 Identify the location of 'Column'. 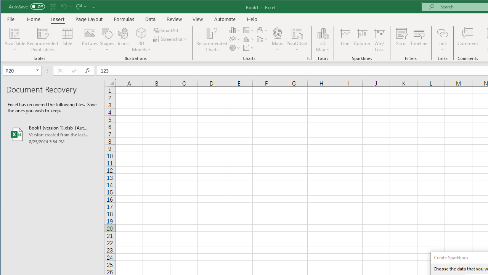
(361, 40).